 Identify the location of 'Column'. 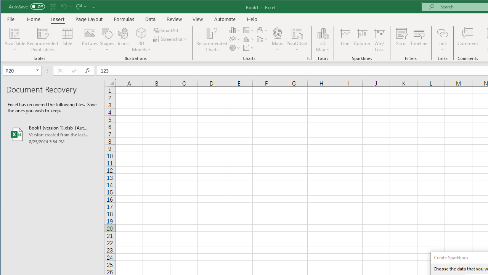
(361, 40).